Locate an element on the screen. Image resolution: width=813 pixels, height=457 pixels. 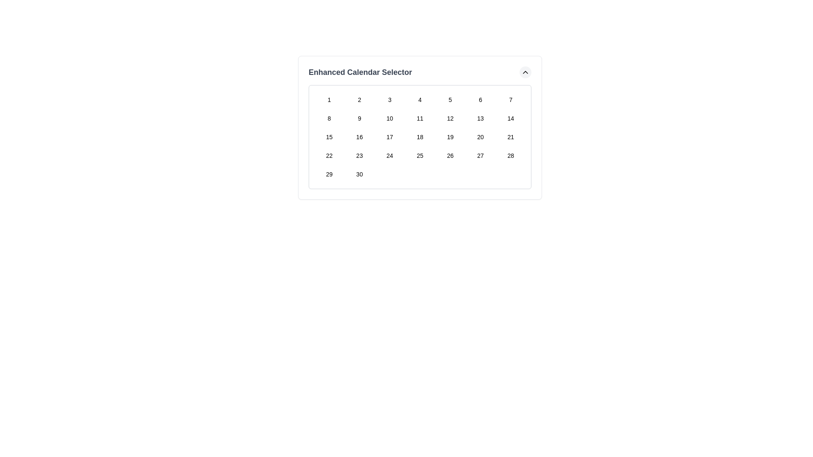
the date selection button for '6' in the Enhanced Calendar Selector is located at coordinates (480, 99).